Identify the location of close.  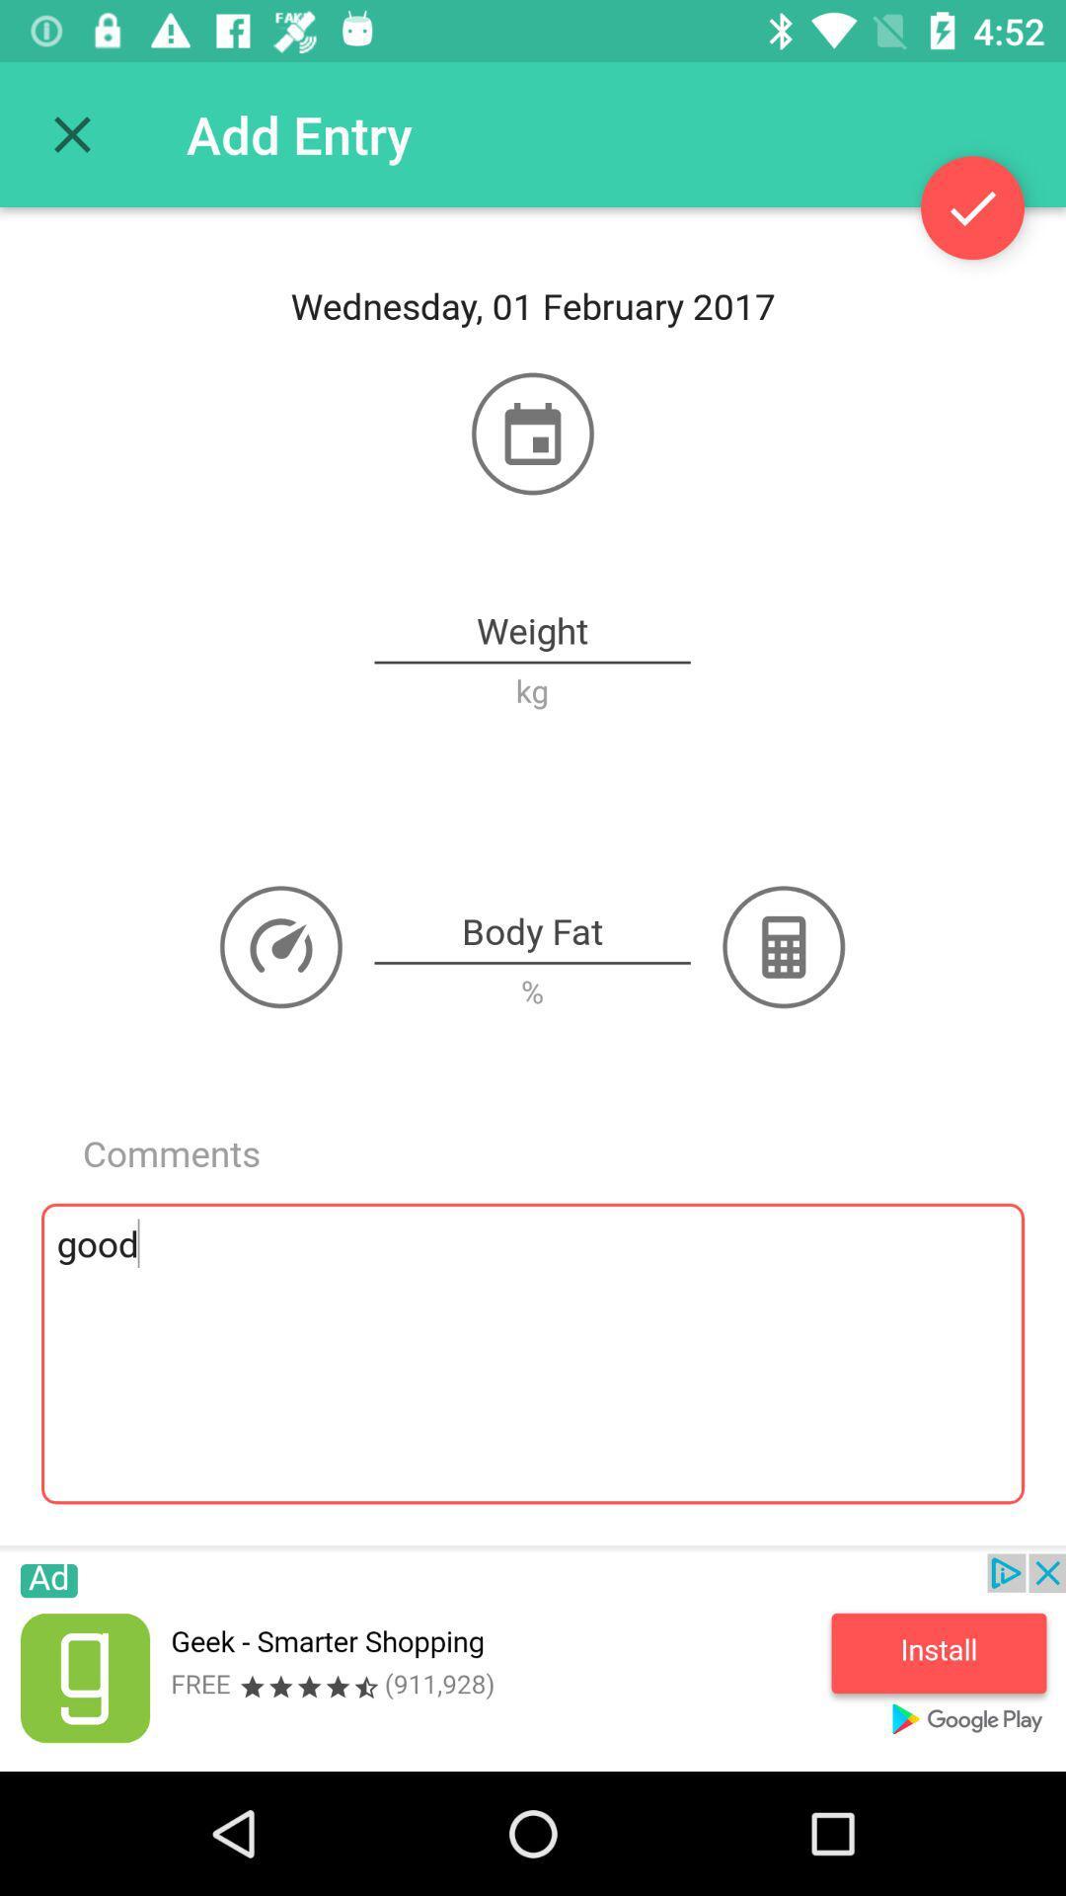
(71, 133).